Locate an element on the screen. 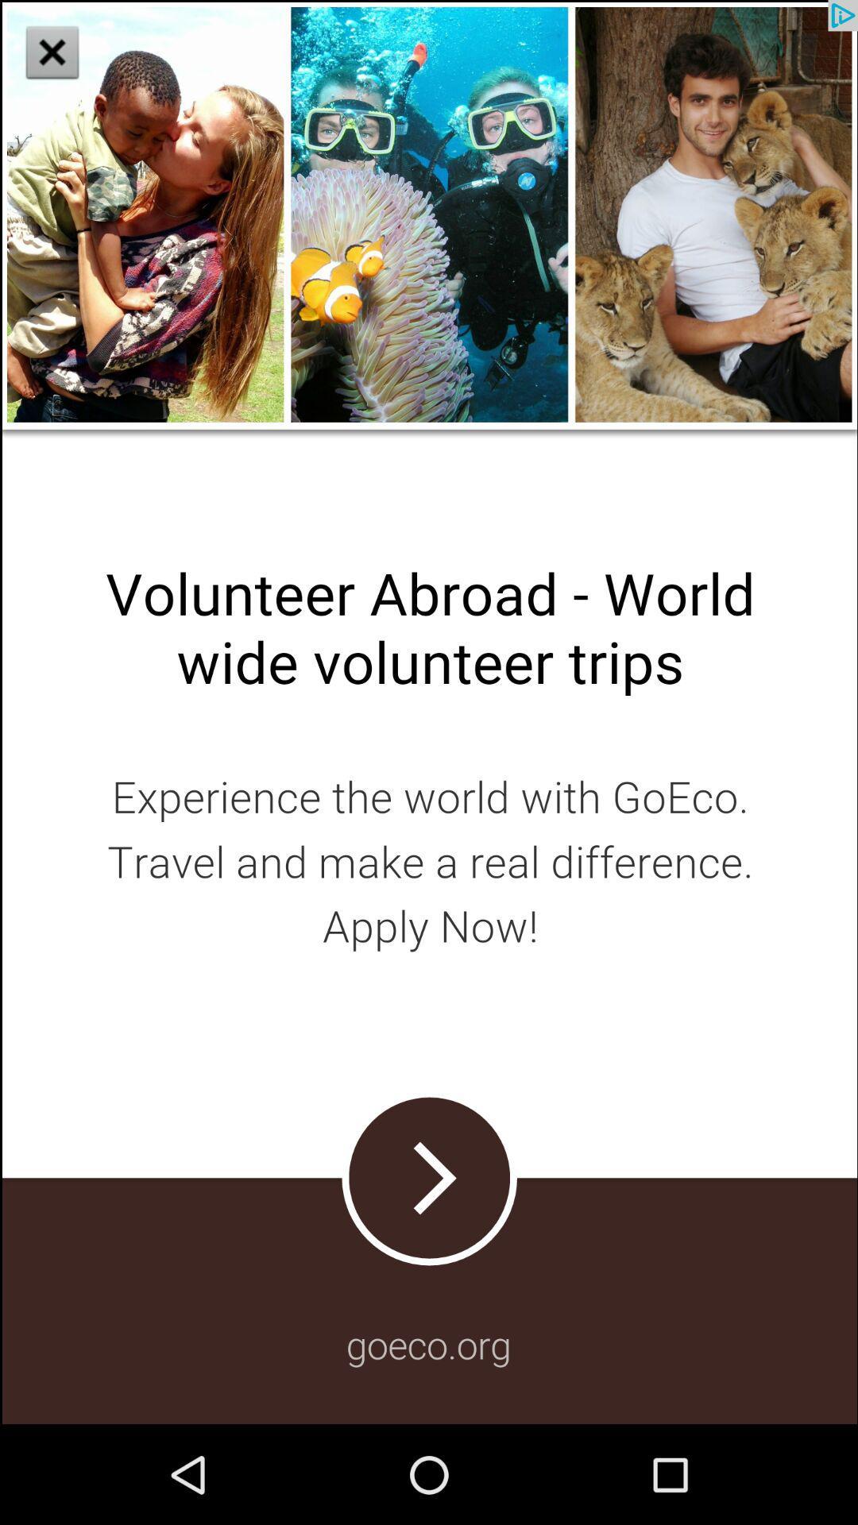 Image resolution: width=858 pixels, height=1525 pixels. the close icon is located at coordinates (51, 56).